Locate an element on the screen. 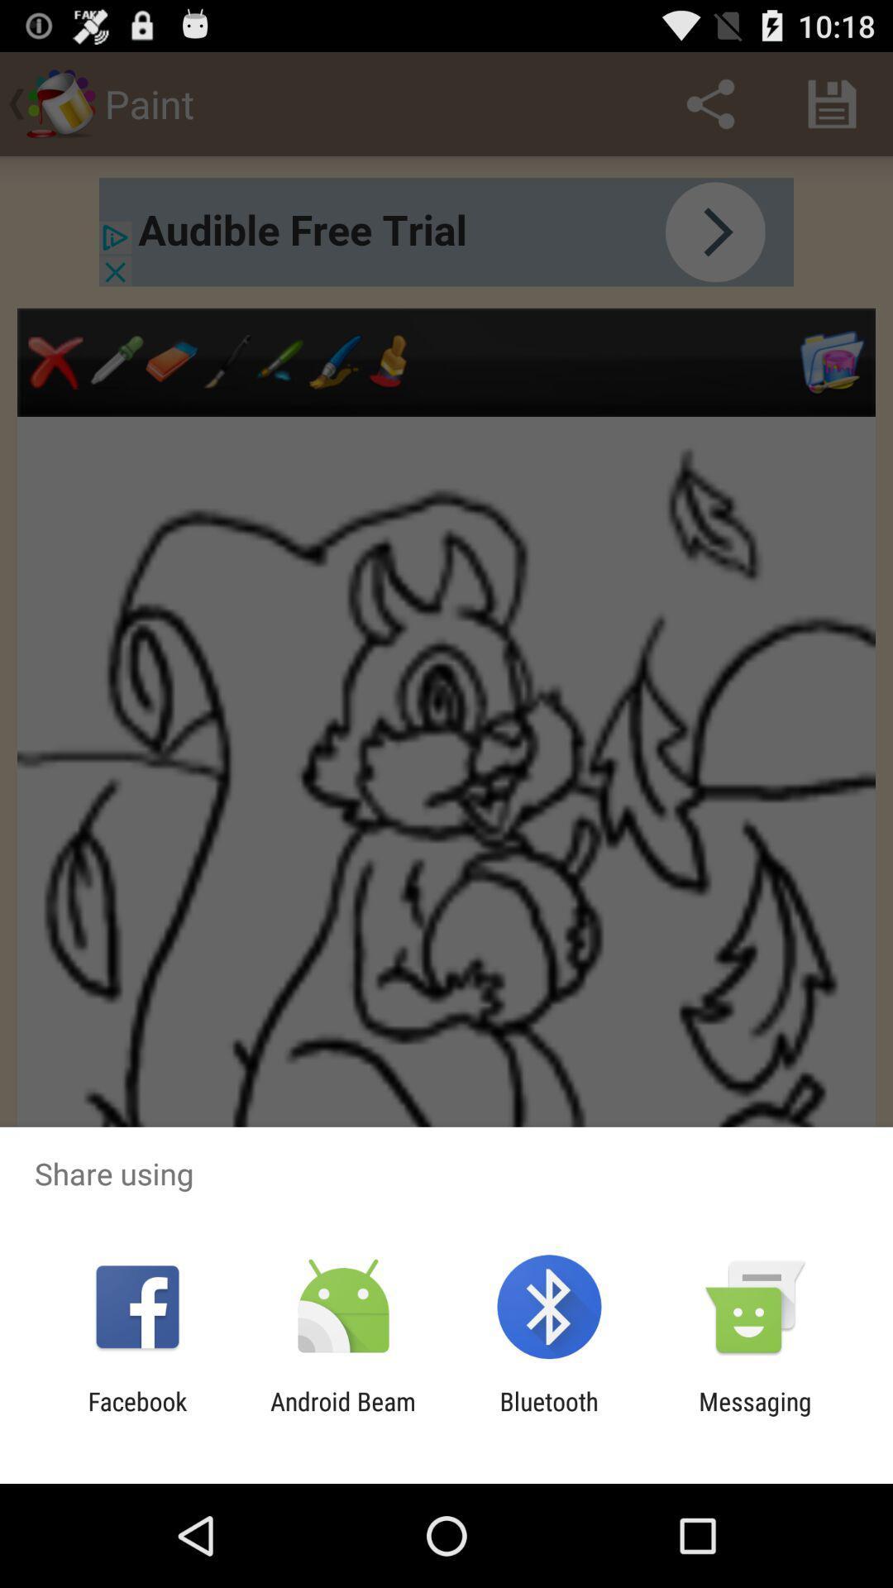 The width and height of the screenshot is (893, 1588). the item next to messaging is located at coordinates (549, 1415).